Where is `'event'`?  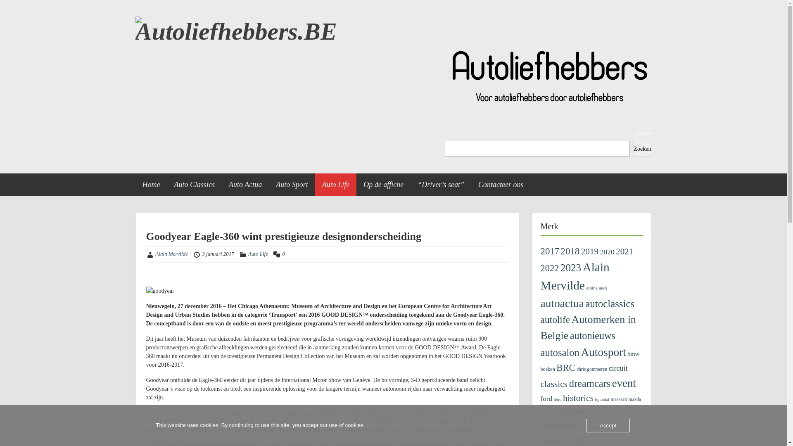
'event' is located at coordinates (624, 383).